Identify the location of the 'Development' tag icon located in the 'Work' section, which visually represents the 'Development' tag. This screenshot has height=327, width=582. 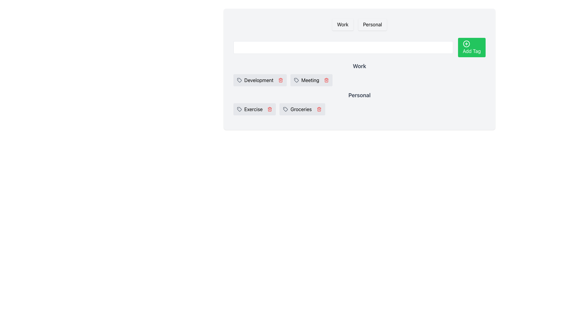
(239, 80).